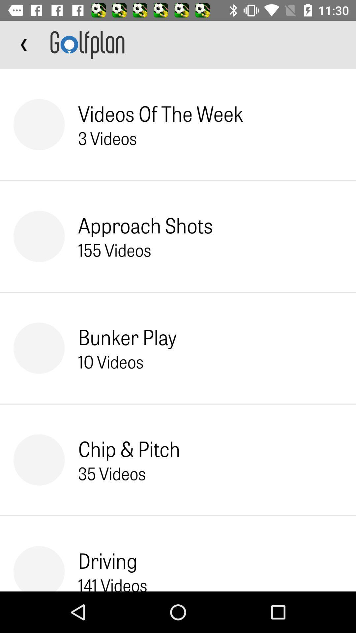 This screenshot has height=633, width=356. What do you see at coordinates (112, 583) in the screenshot?
I see `the item below the driving item` at bounding box center [112, 583].